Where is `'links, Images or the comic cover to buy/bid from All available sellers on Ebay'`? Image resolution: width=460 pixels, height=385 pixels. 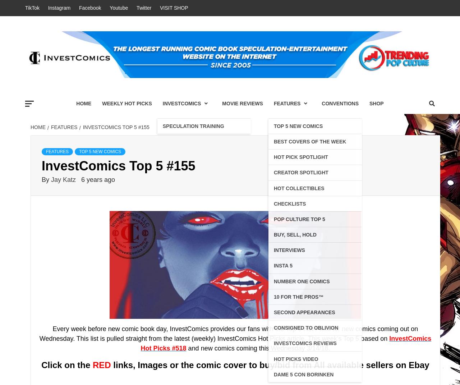 'links, Images or the comic cover to buy/bid from All available sellers on Ebay' is located at coordinates (269, 365).